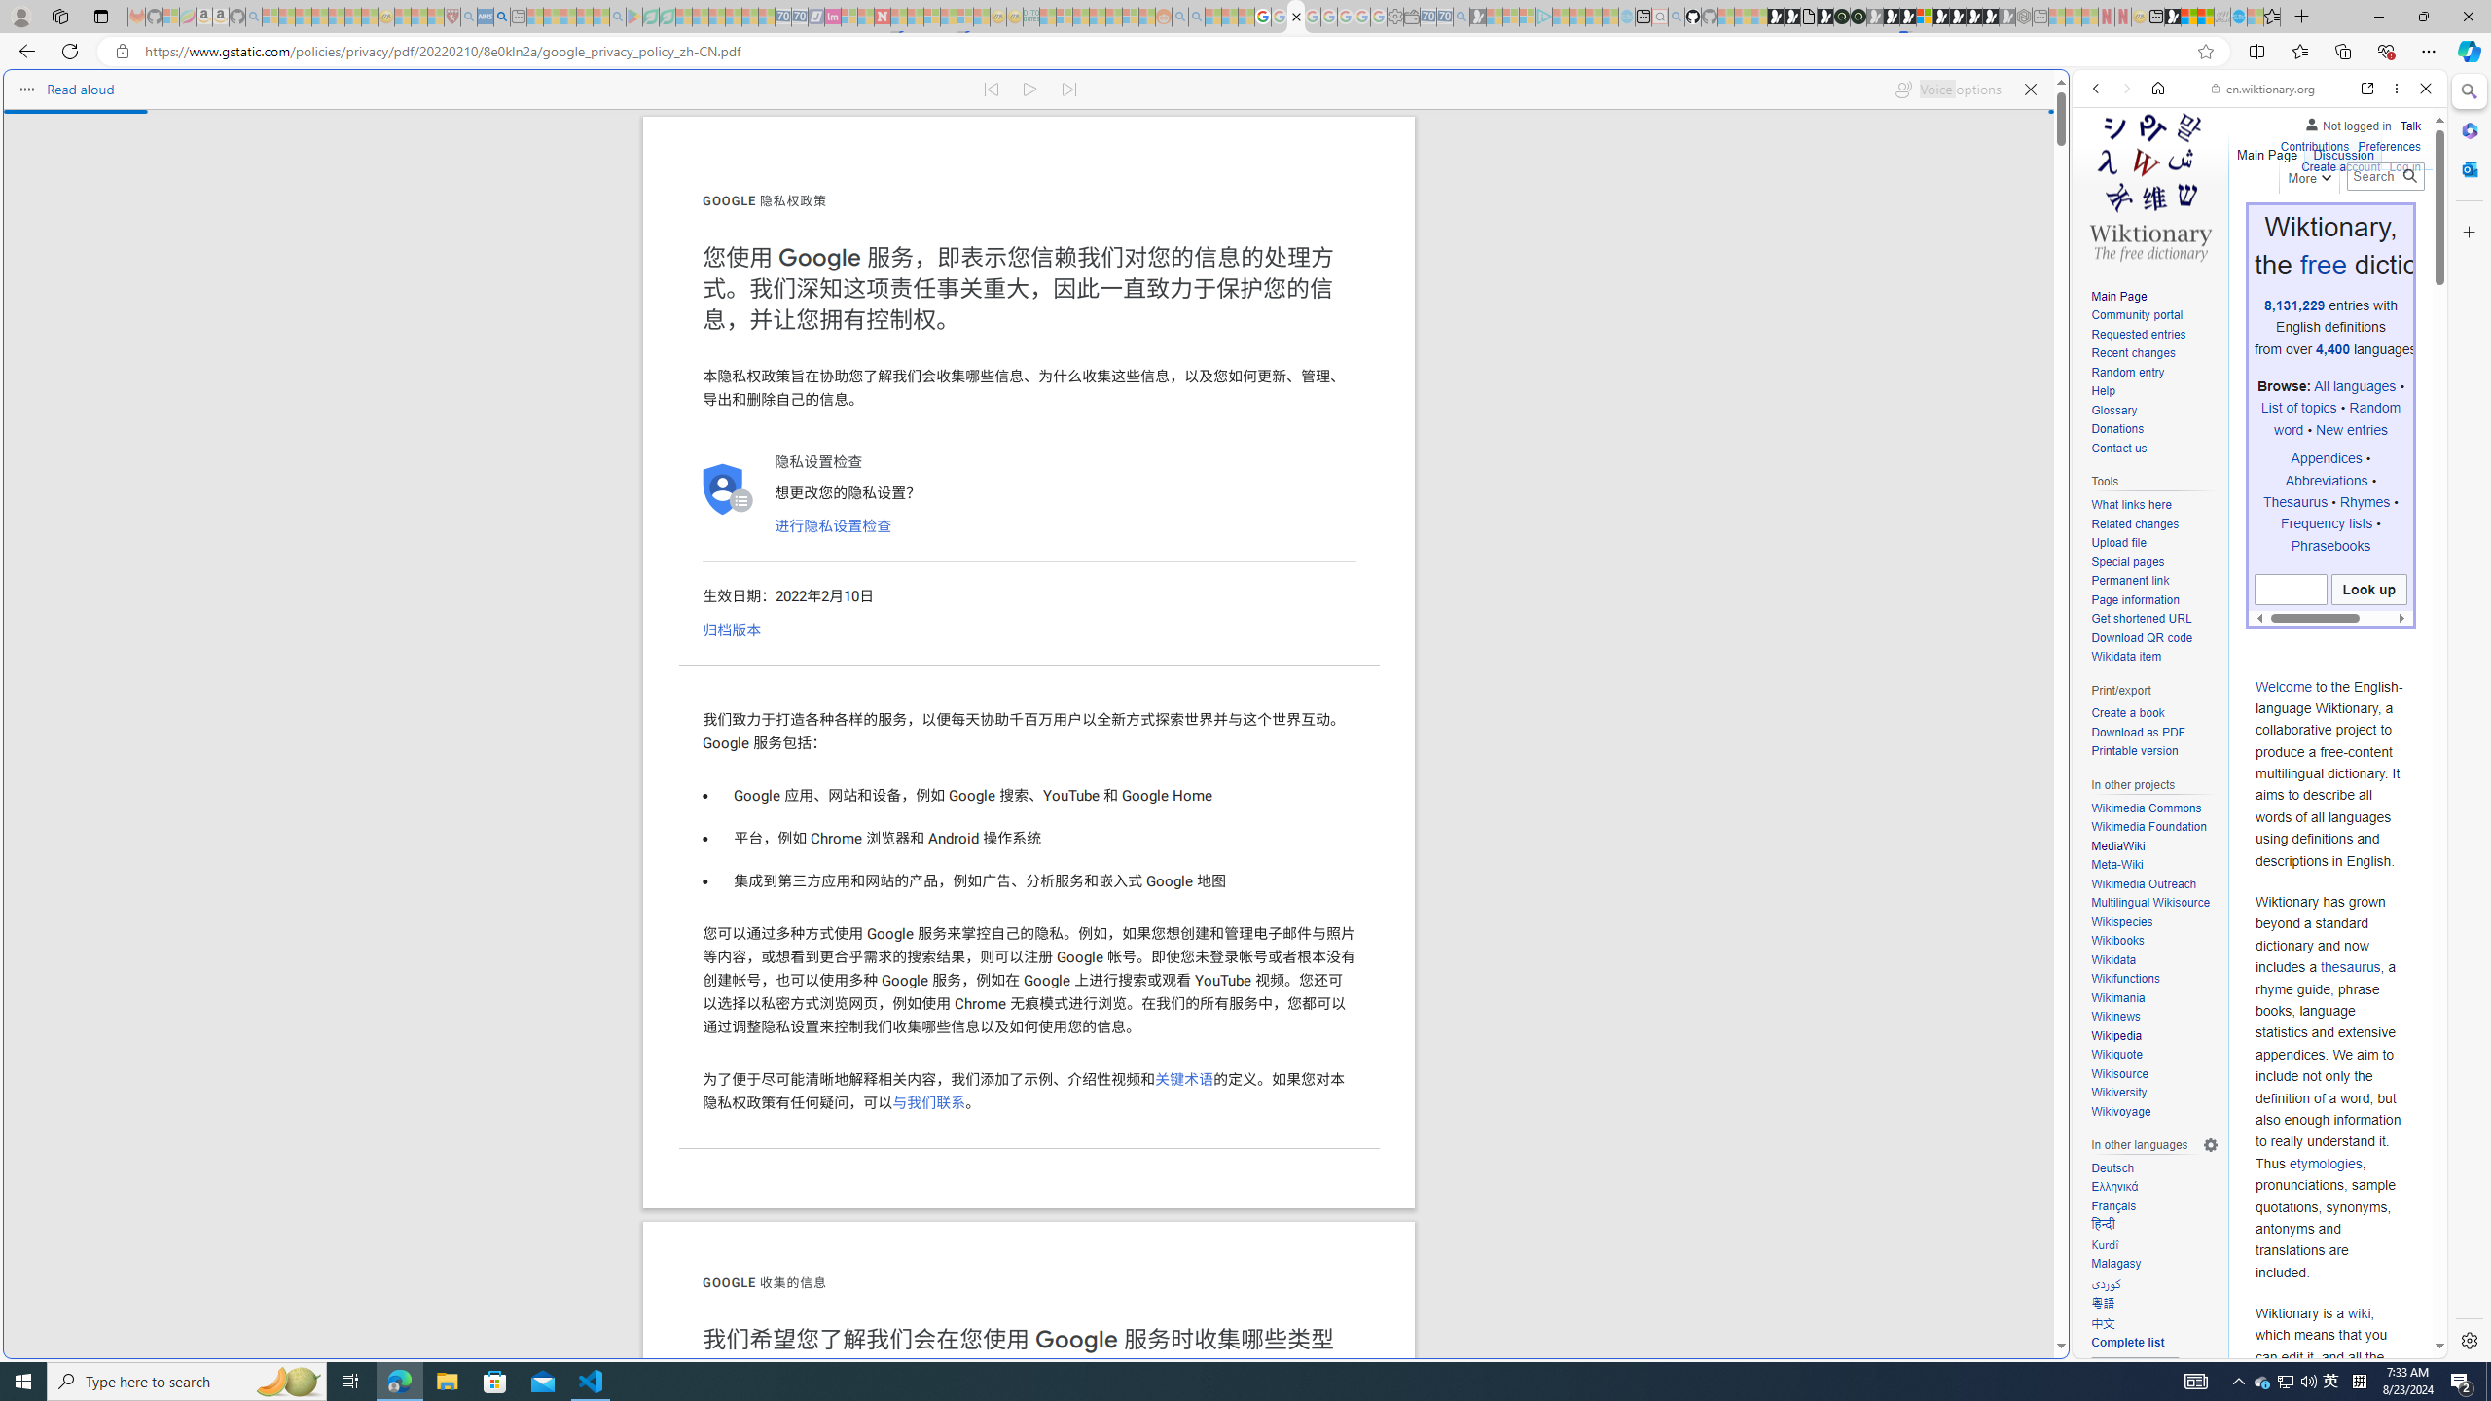 This screenshot has height=1401, width=2491. Describe the element at coordinates (2137, 731) in the screenshot. I see `'Download as PDF'` at that location.